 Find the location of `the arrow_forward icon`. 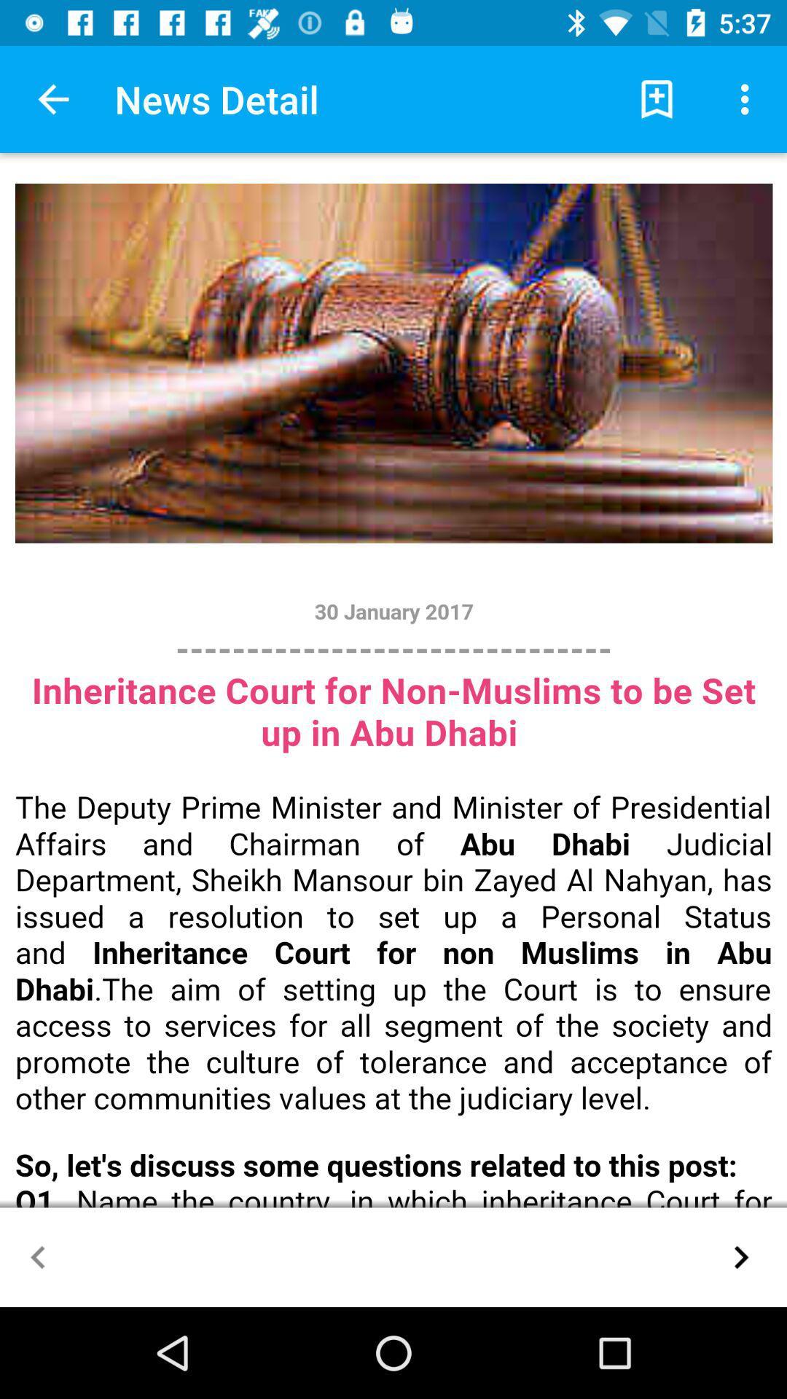

the arrow_forward icon is located at coordinates (741, 1256).